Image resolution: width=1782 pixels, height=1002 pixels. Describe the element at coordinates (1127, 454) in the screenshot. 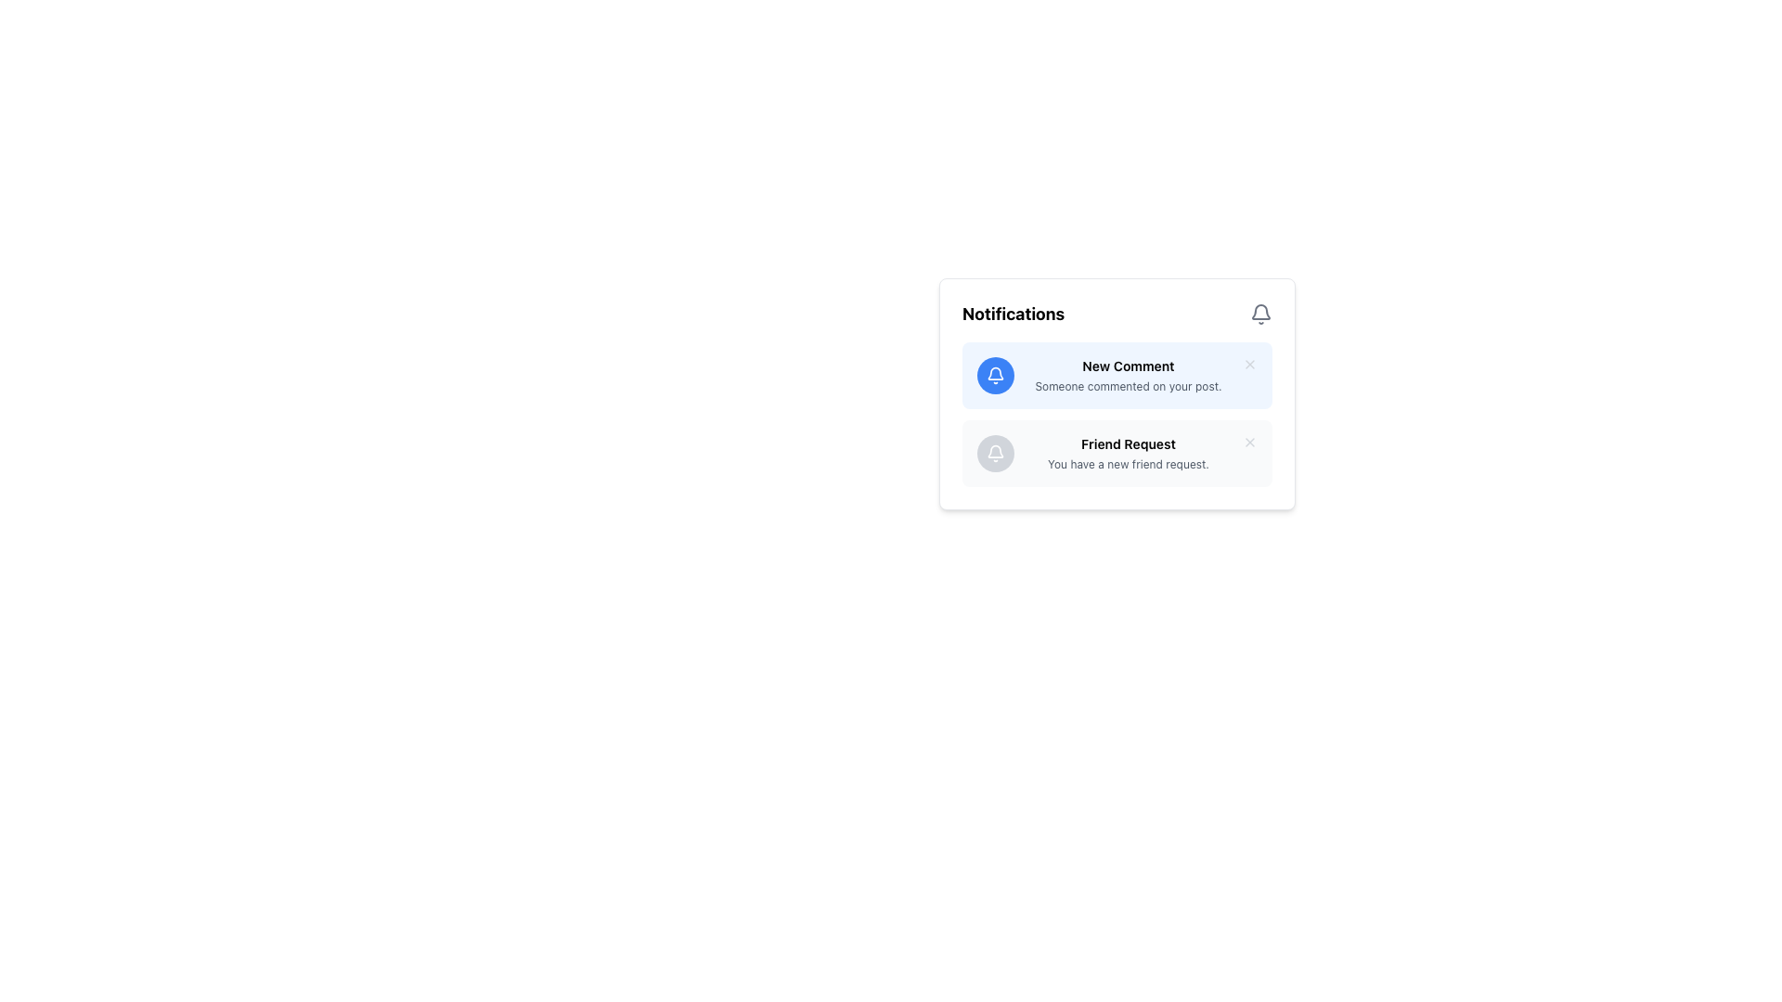

I see `the contextual controls of the second notification item which informs the user about a new friend request, located below the 'New Comment' notification` at that location.